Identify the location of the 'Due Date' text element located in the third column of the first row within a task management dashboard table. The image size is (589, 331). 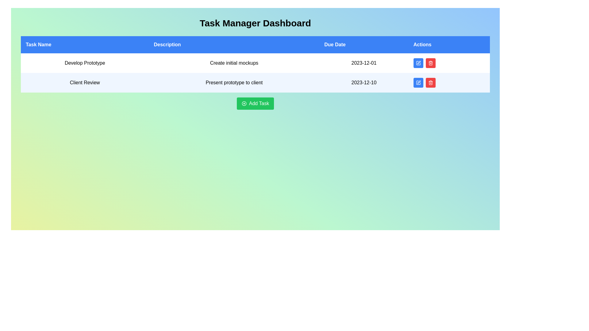
(364, 63).